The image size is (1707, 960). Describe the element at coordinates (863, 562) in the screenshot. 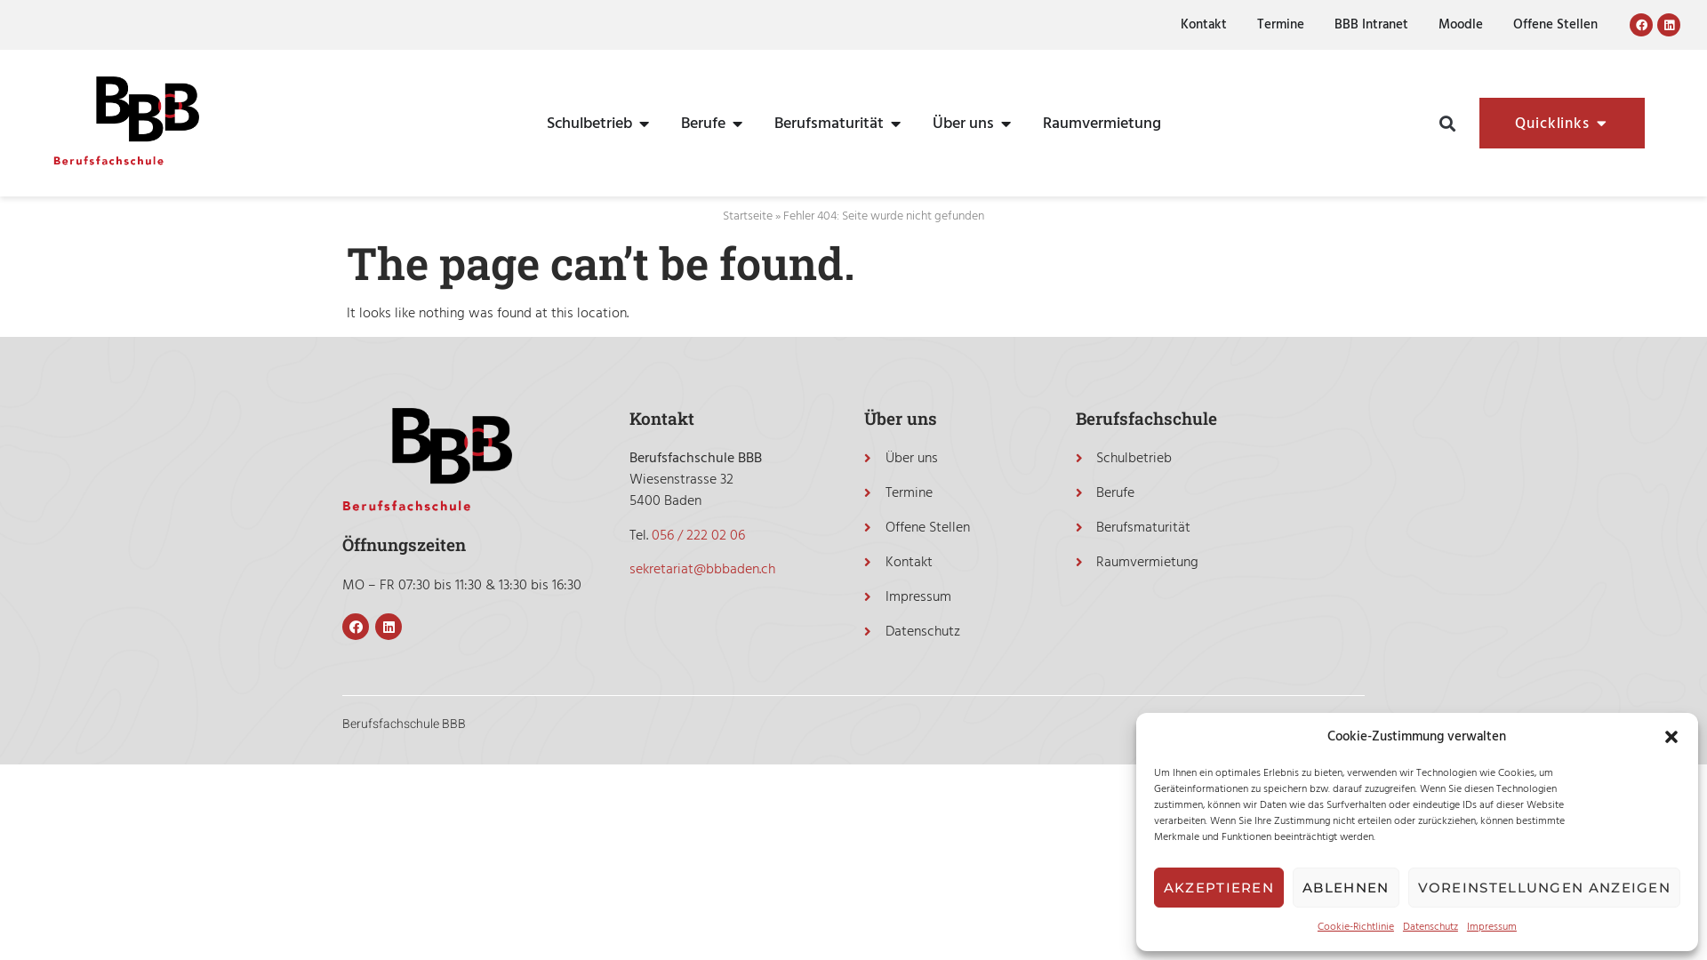

I see `'Kontakt'` at that location.